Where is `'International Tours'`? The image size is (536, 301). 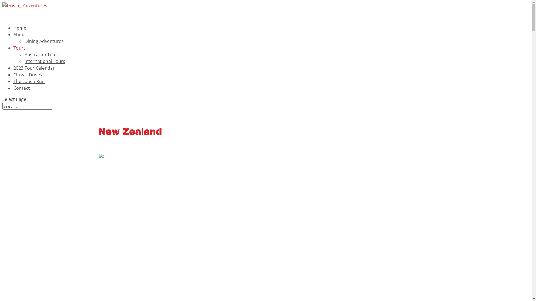
'International Tours' is located at coordinates (45, 61).